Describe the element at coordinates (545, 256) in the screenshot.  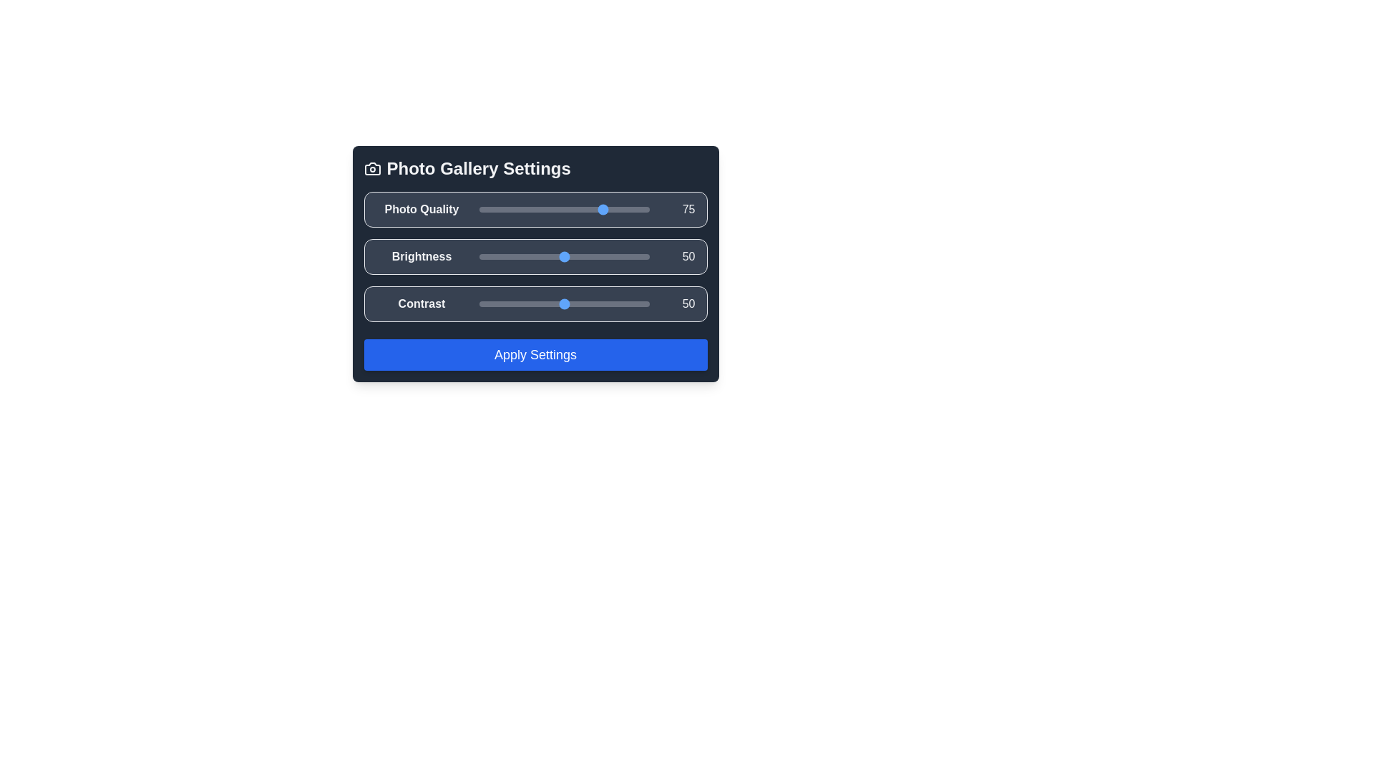
I see `the brightness` at that location.